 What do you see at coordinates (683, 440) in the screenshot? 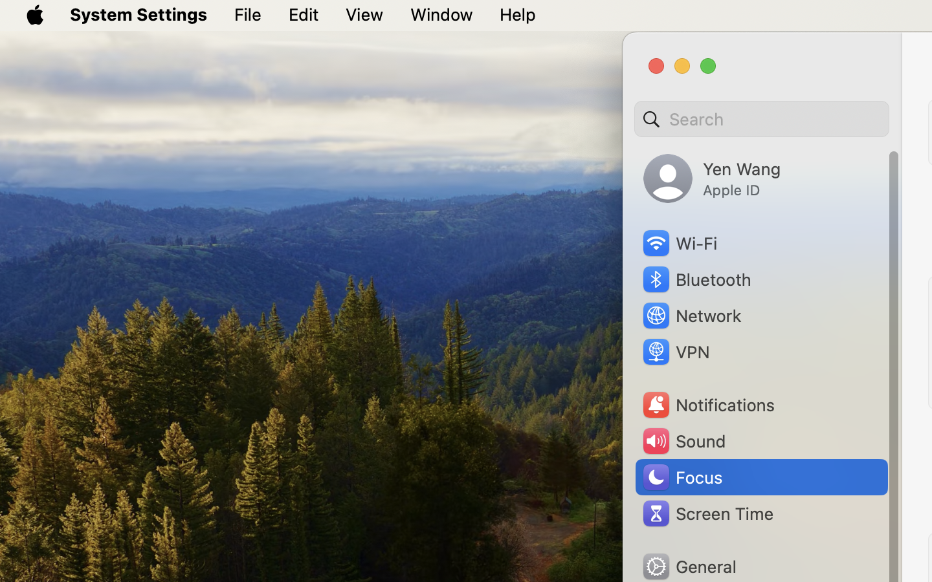
I see `'Sound'` at bounding box center [683, 440].